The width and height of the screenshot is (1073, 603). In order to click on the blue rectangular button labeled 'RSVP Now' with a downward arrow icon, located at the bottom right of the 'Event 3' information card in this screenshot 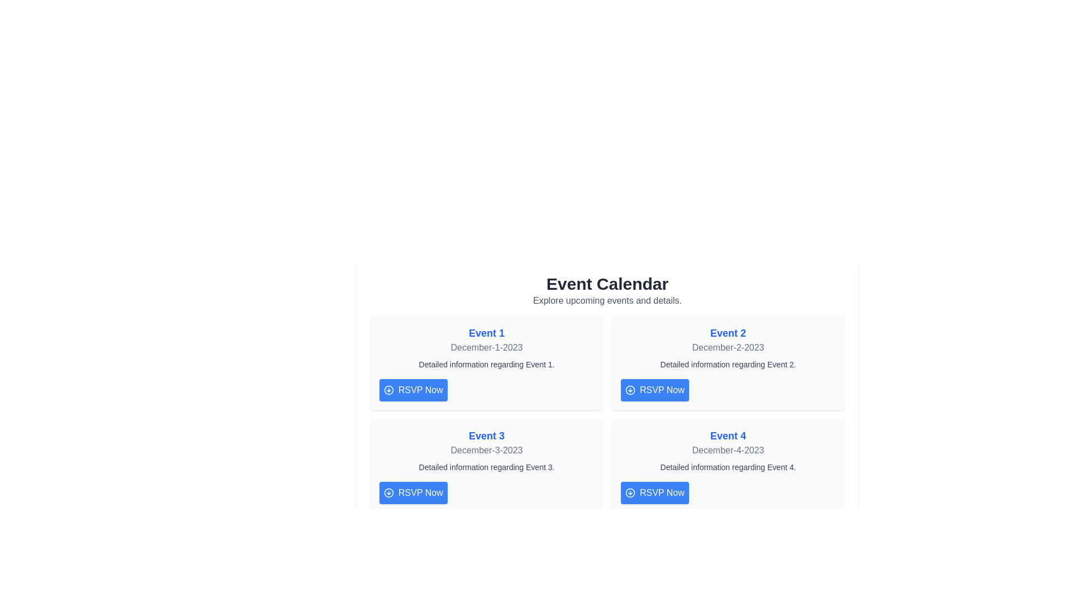, I will do `click(412, 492)`.